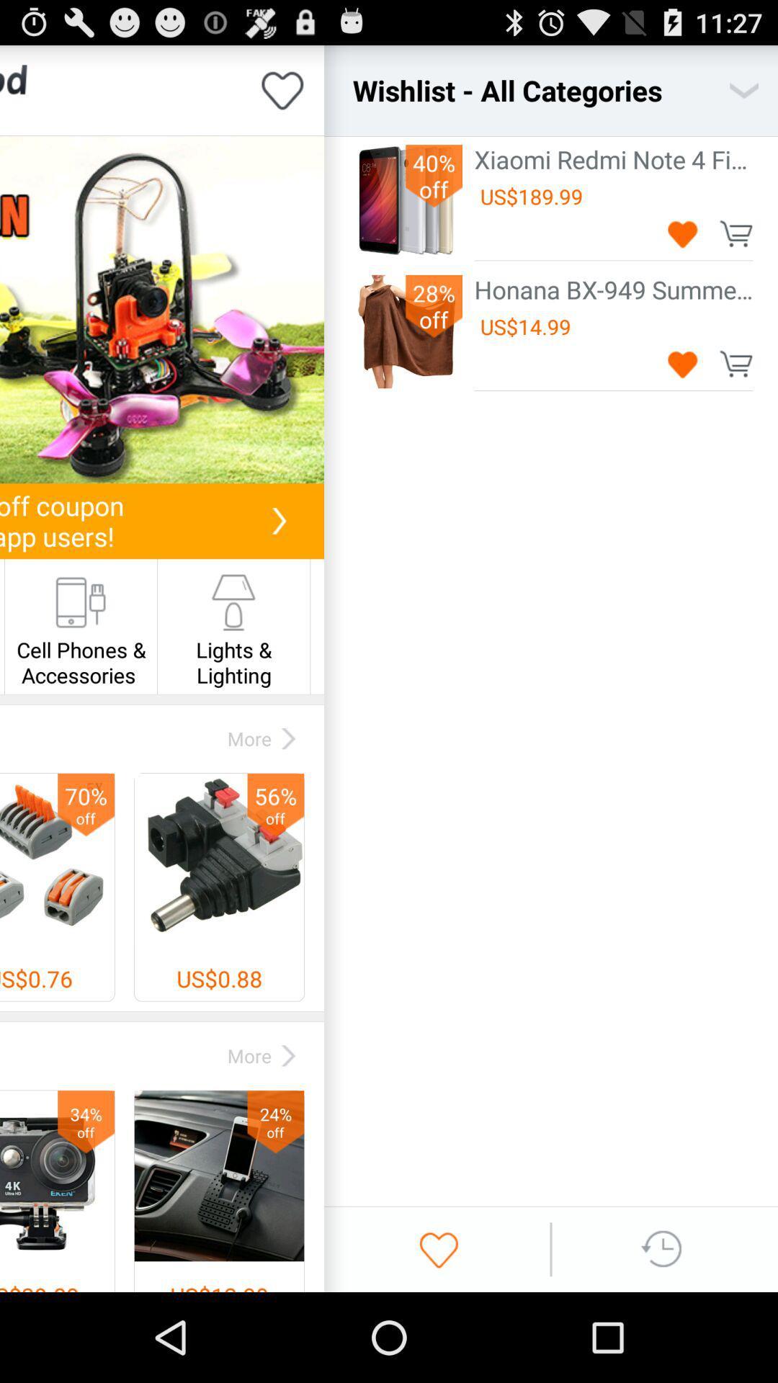  Describe the element at coordinates (282, 89) in the screenshot. I see `wishlist status` at that location.